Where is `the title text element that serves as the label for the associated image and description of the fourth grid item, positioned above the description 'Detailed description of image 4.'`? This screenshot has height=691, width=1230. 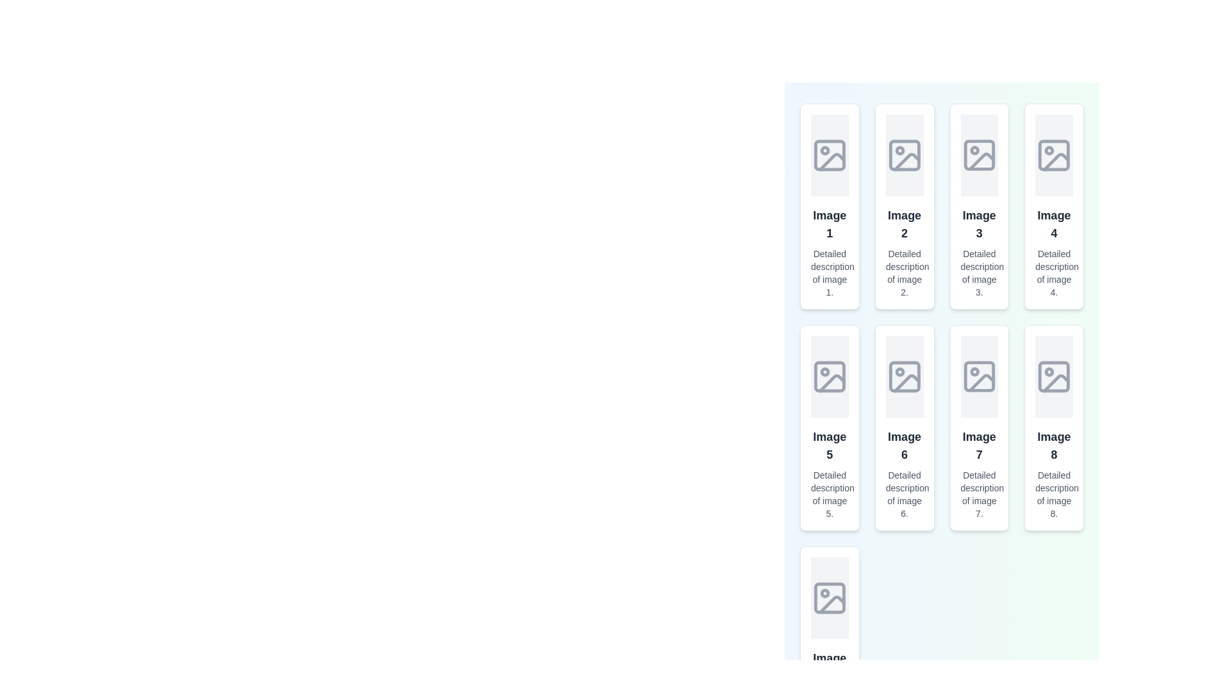 the title text element that serves as the label for the associated image and description of the fourth grid item, positioned above the description 'Detailed description of image 4.' is located at coordinates (1054, 224).